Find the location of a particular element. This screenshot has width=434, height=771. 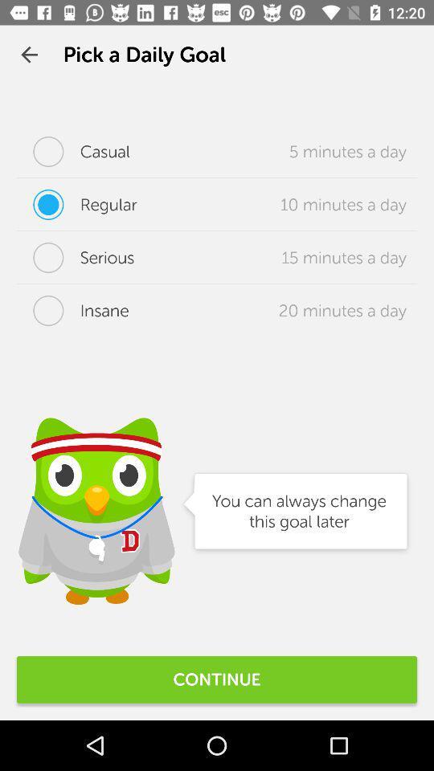

icon next to 20 minutes a icon is located at coordinates (72, 309).